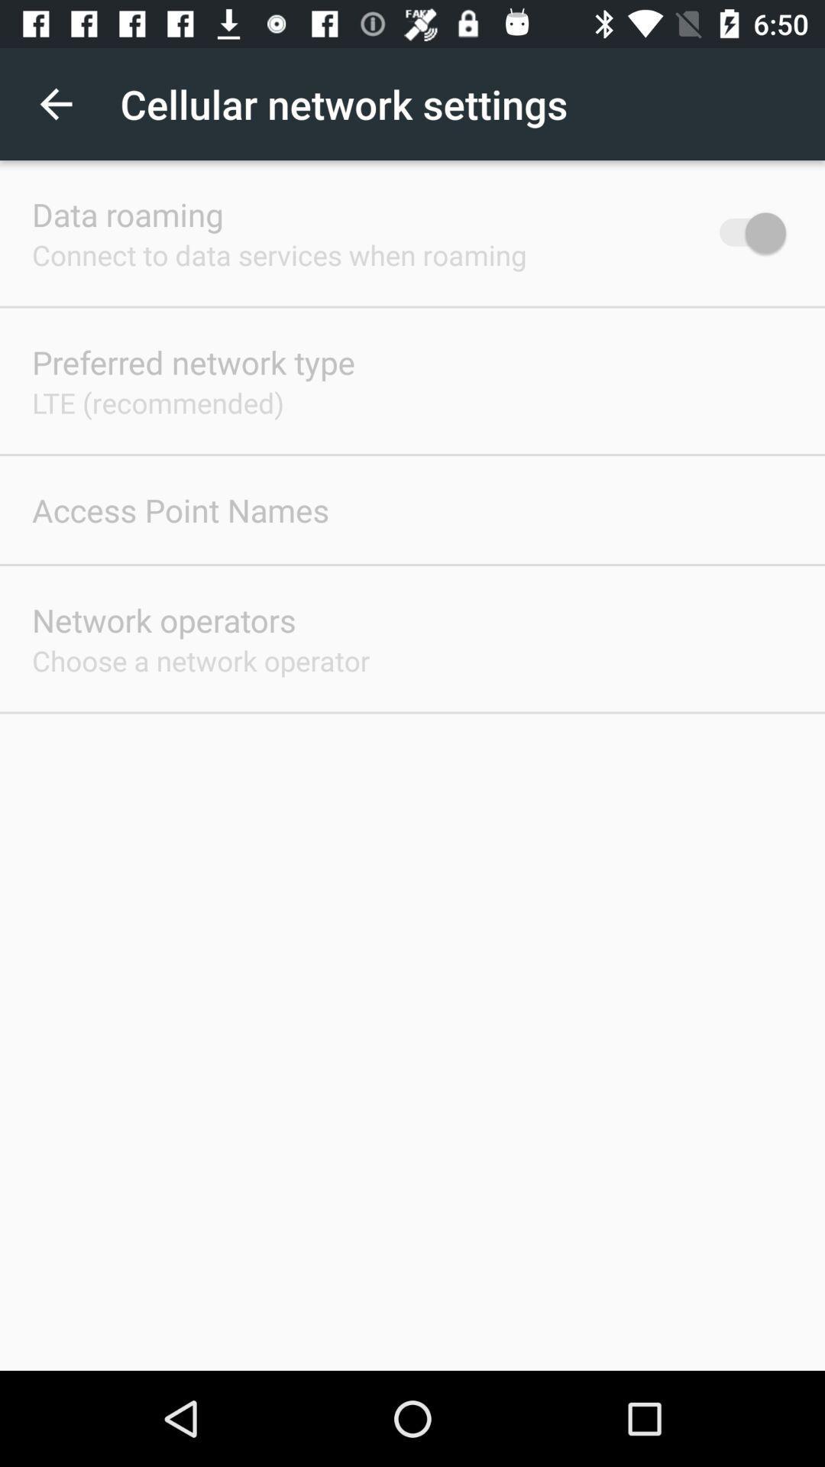  Describe the element at coordinates (55, 103) in the screenshot. I see `the app next to cellular network settings icon` at that location.